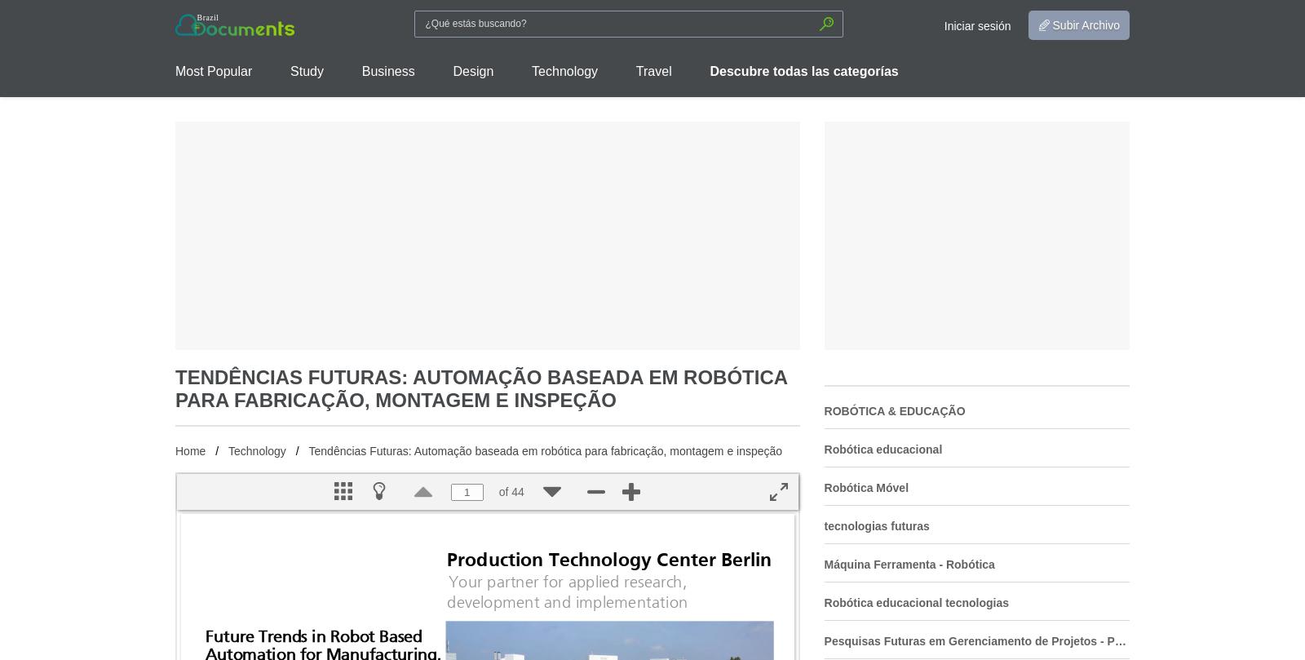  I want to click on 'of 44', so click(498, 492).